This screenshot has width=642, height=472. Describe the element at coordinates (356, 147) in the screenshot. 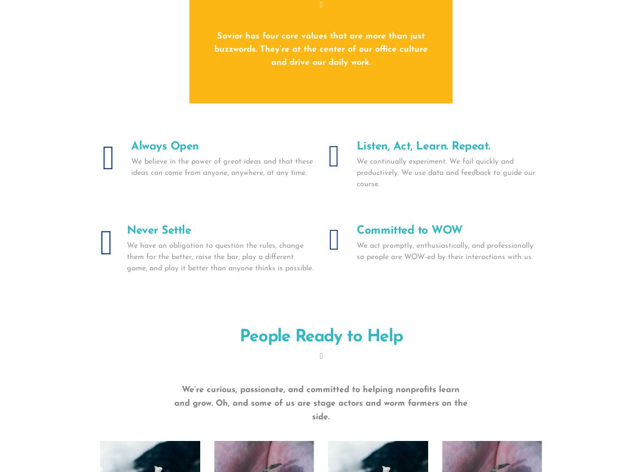

I see `'Listen, Act, Learn. Repeat.'` at that location.